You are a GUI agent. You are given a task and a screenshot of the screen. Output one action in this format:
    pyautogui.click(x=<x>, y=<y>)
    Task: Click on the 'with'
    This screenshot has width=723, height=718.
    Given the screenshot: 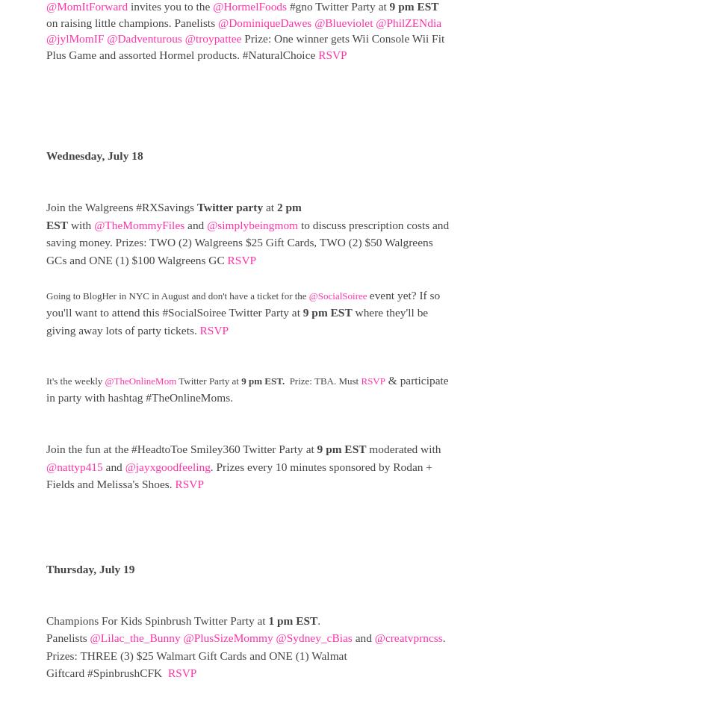 What is the action you would take?
    pyautogui.click(x=67, y=223)
    